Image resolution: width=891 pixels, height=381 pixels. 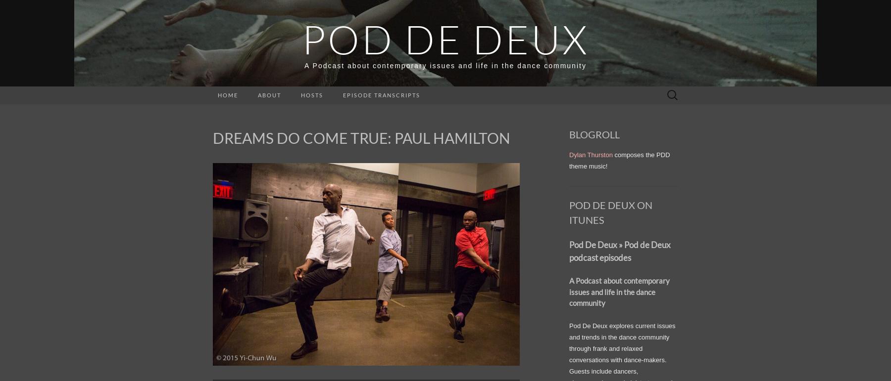 I want to click on 'Dylan Thurston', so click(x=590, y=155).